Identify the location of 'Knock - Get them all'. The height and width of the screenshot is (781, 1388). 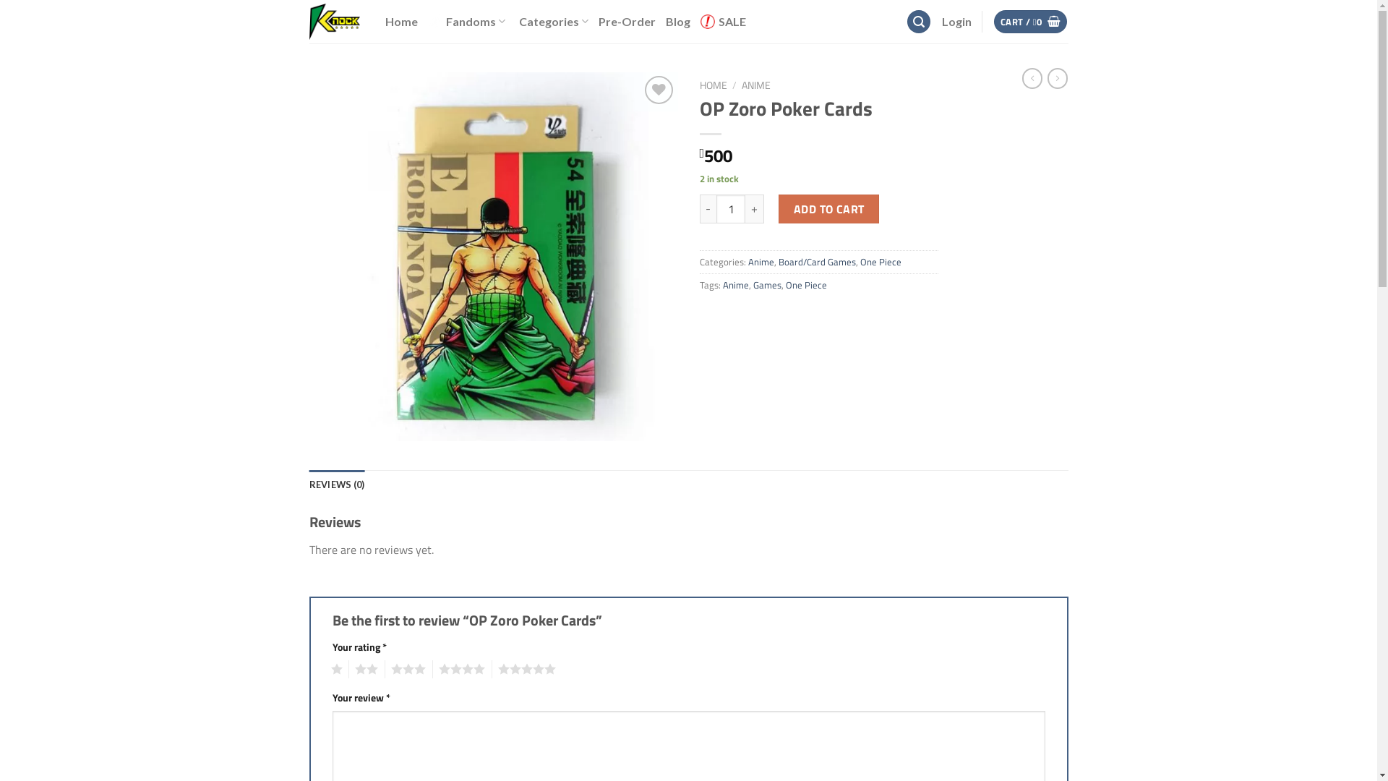
(335, 22).